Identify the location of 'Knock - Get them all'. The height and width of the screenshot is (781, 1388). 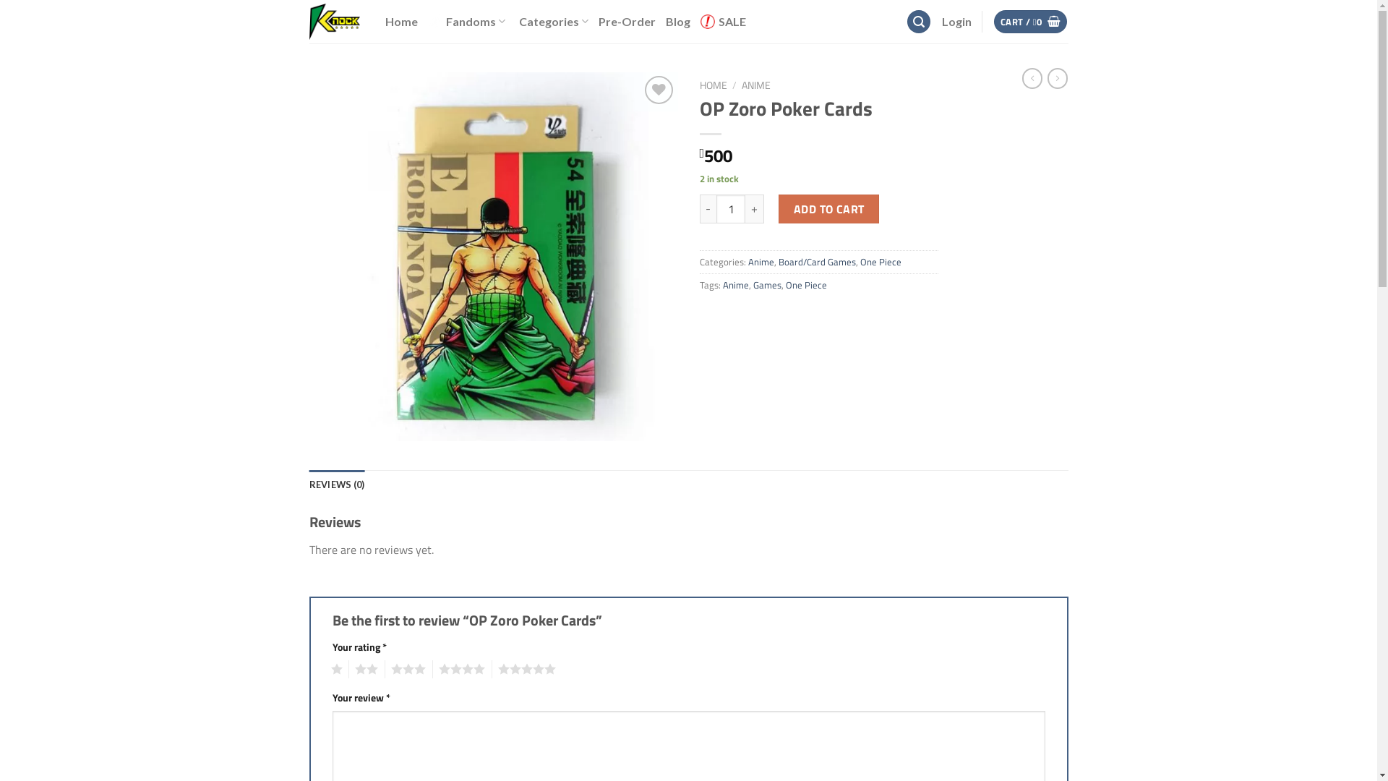
(335, 22).